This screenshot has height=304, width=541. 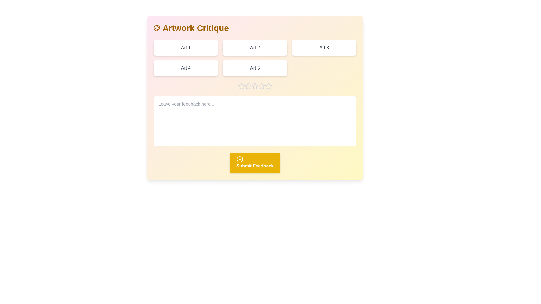 I want to click on the rating to 5 stars by clicking on the corresponding star button, so click(x=268, y=86).